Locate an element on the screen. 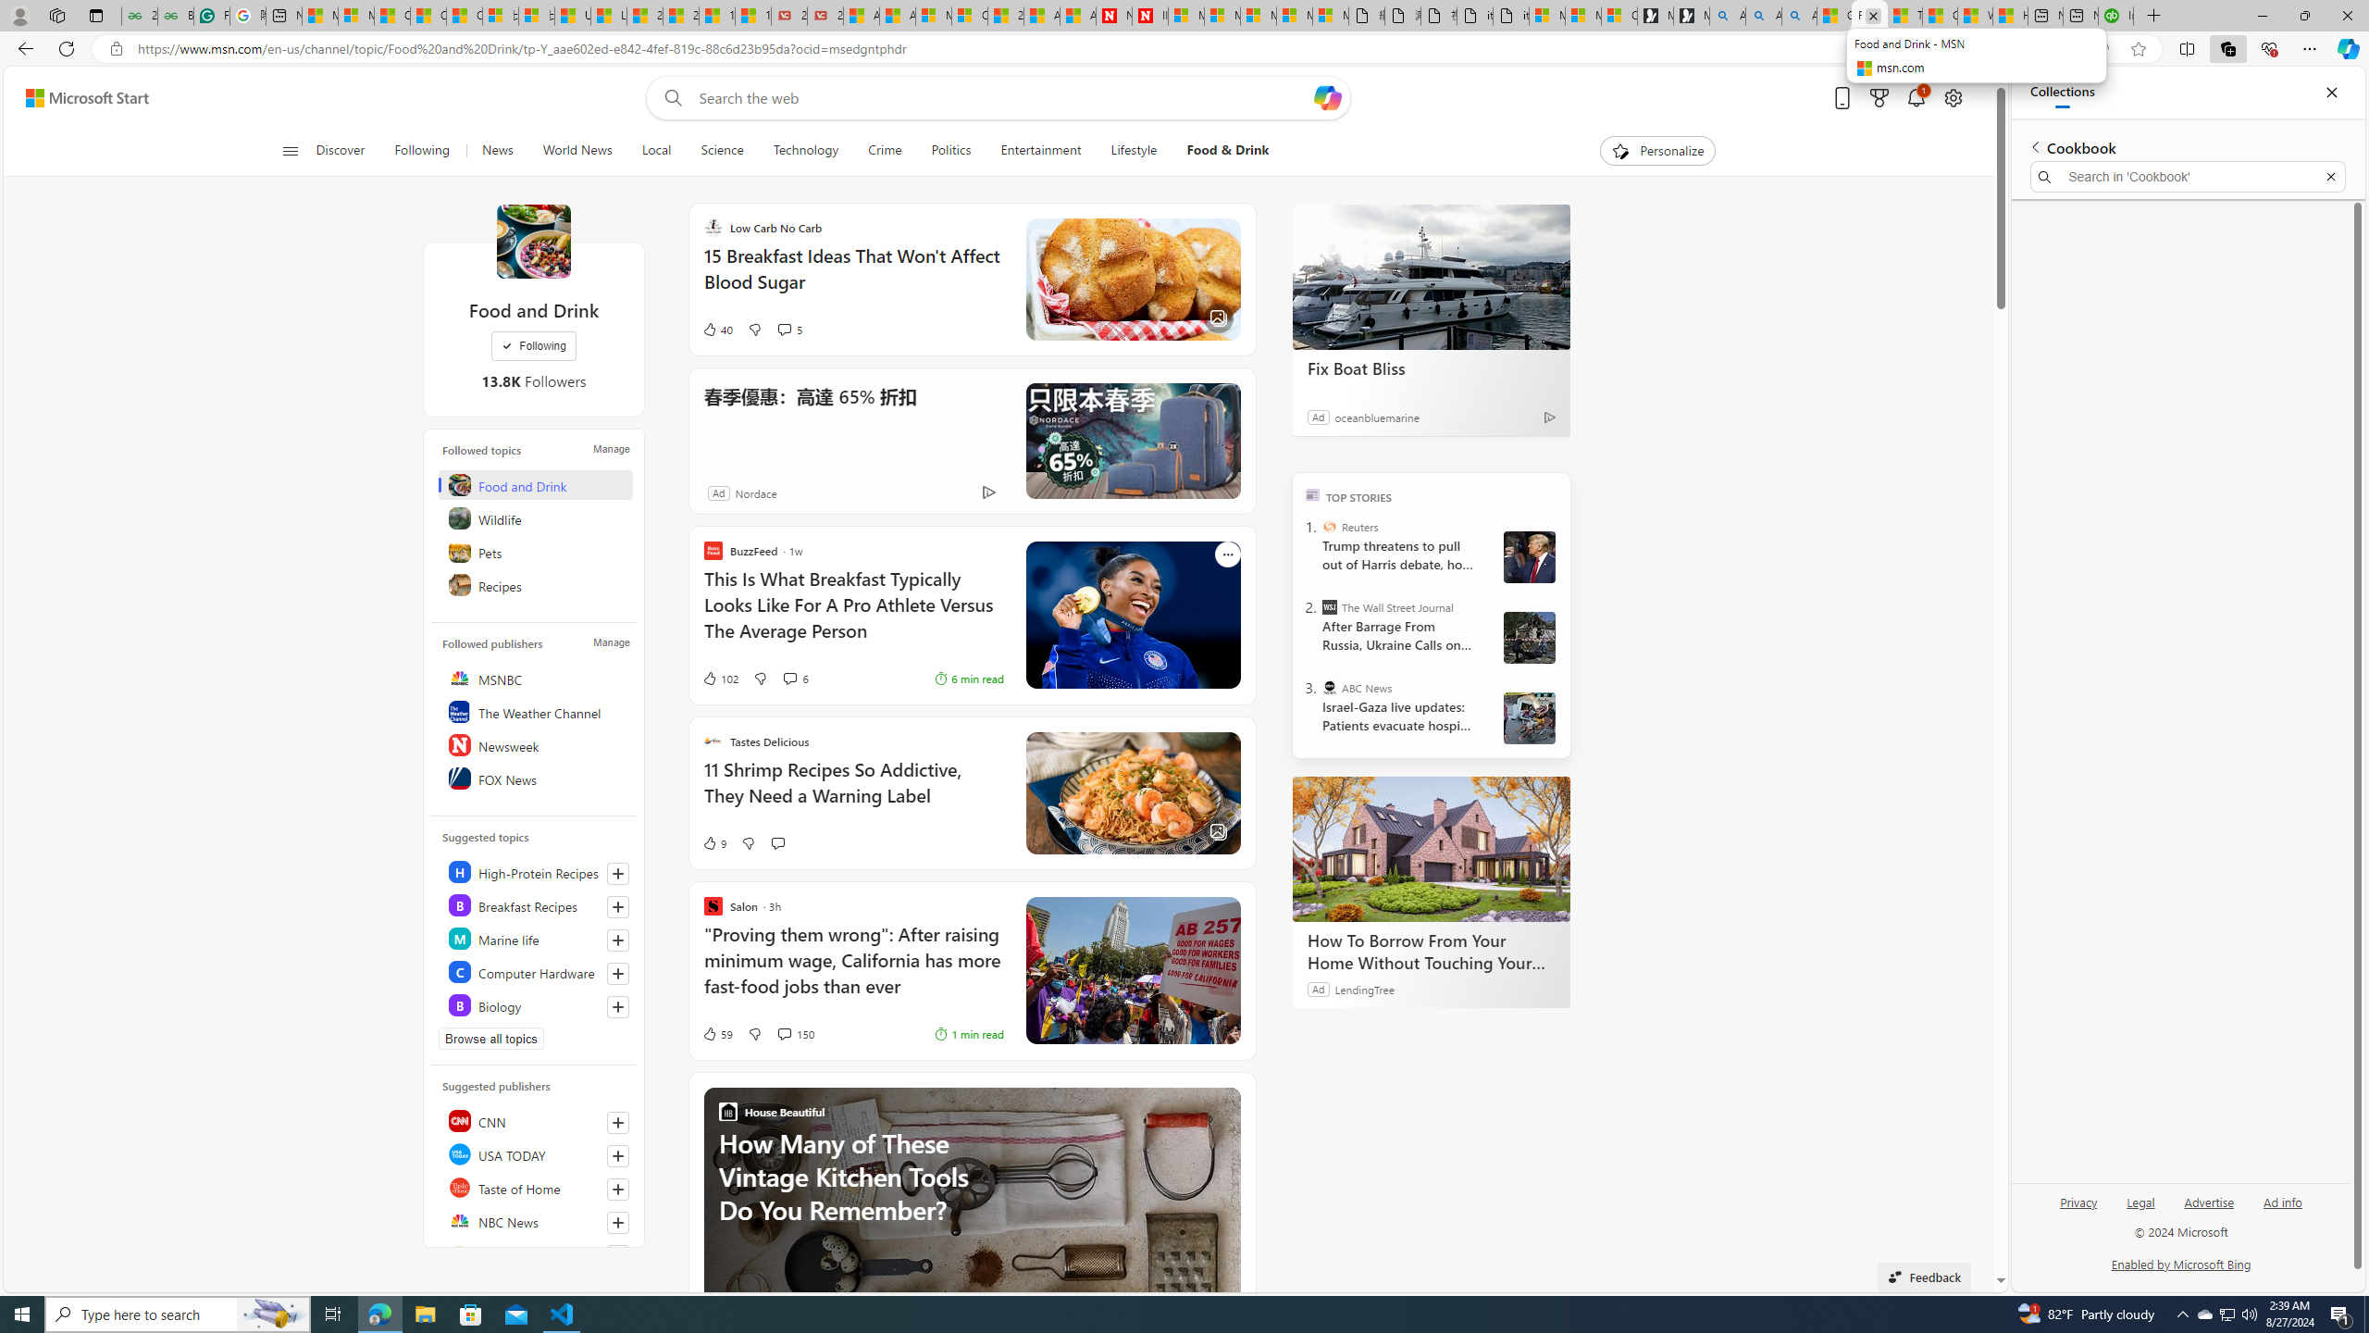 Image resolution: width=2369 pixels, height=1333 pixels. 'Pets' is located at coordinates (535, 551).